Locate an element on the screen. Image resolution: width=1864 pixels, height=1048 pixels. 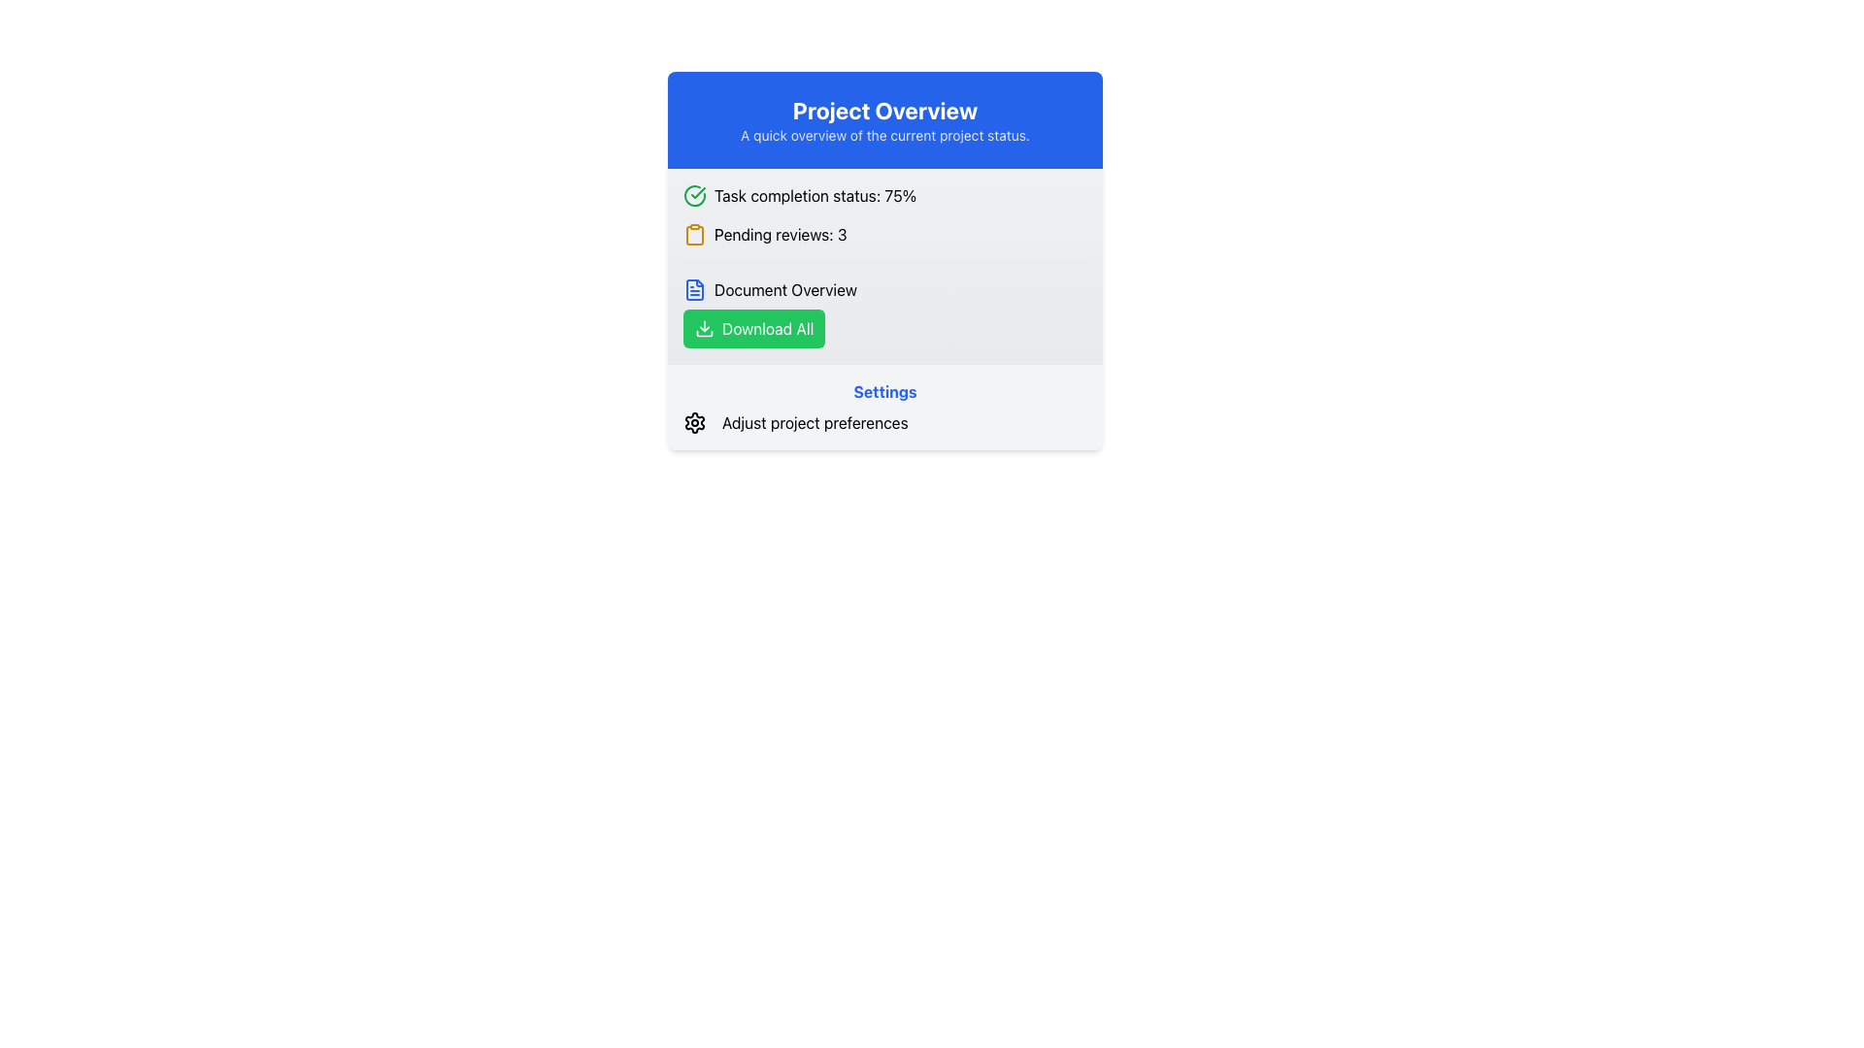
the gear icon representing settings, located to the left of the 'Adjust project preferences' text is located at coordinates (694, 421).